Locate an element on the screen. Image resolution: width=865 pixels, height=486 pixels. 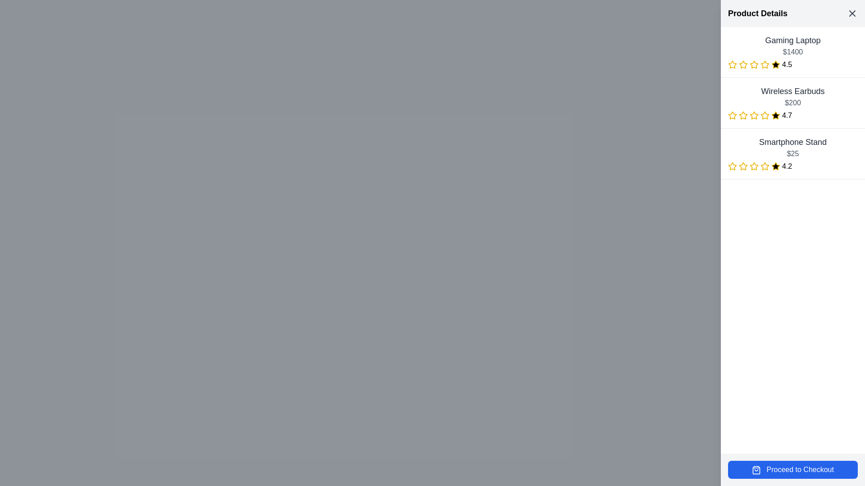
the dark gray 'X' shaped icon button located at the top-right corner of the 'Product Details' section is located at coordinates (851, 13).